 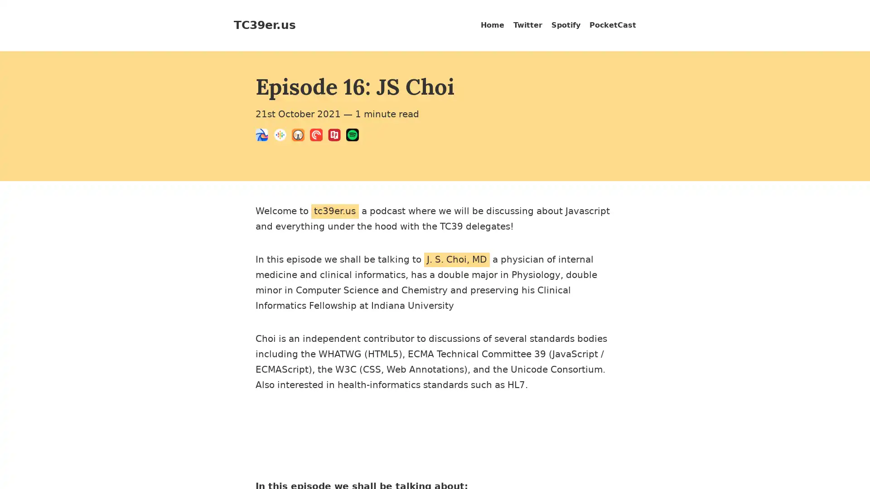 What do you see at coordinates (264, 136) in the screenshot?
I see `Breaker Logo` at bounding box center [264, 136].